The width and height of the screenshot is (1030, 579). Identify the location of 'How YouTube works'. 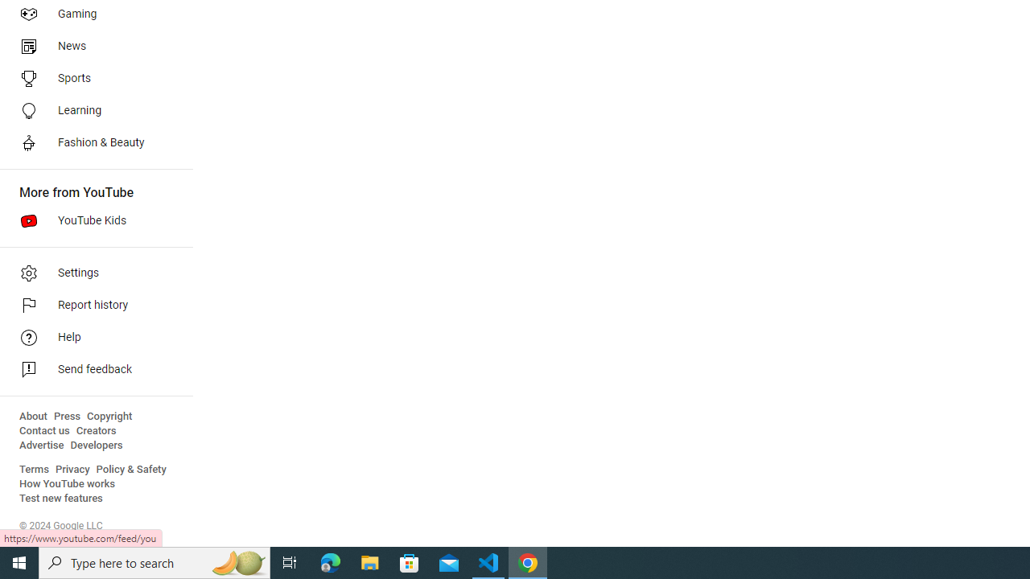
(66, 483).